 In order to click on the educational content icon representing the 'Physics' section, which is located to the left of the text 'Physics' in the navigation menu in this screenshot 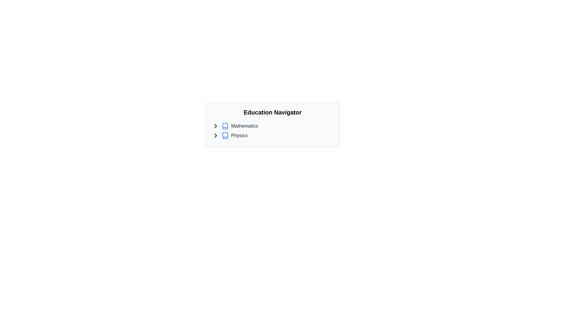, I will do `click(225, 136)`.